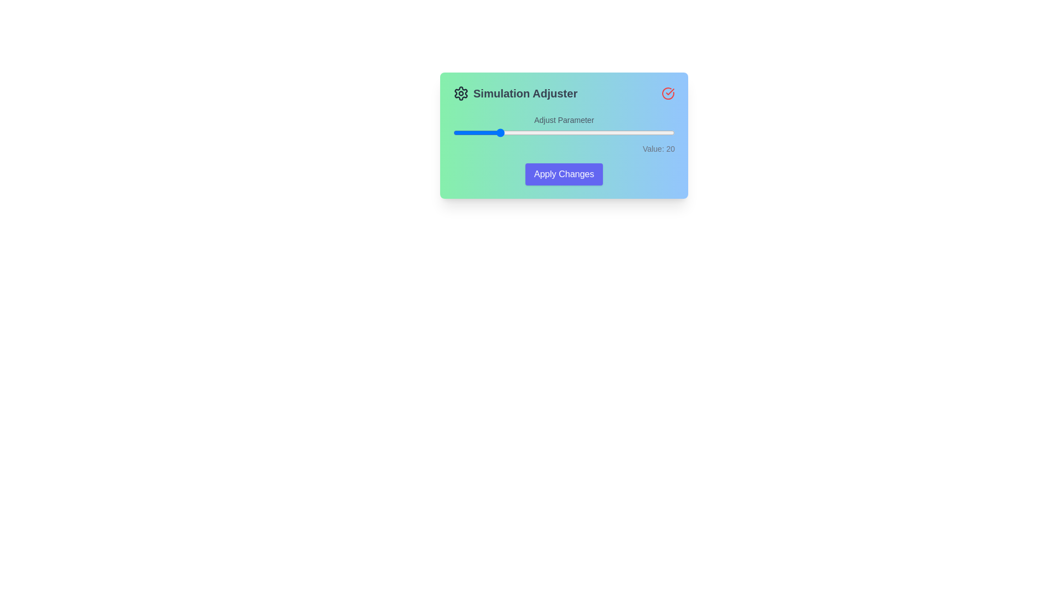 The height and width of the screenshot is (598, 1063). What do you see at coordinates (654, 132) in the screenshot?
I see `the slider to set the value to 91` at bounding box center [654, 132].